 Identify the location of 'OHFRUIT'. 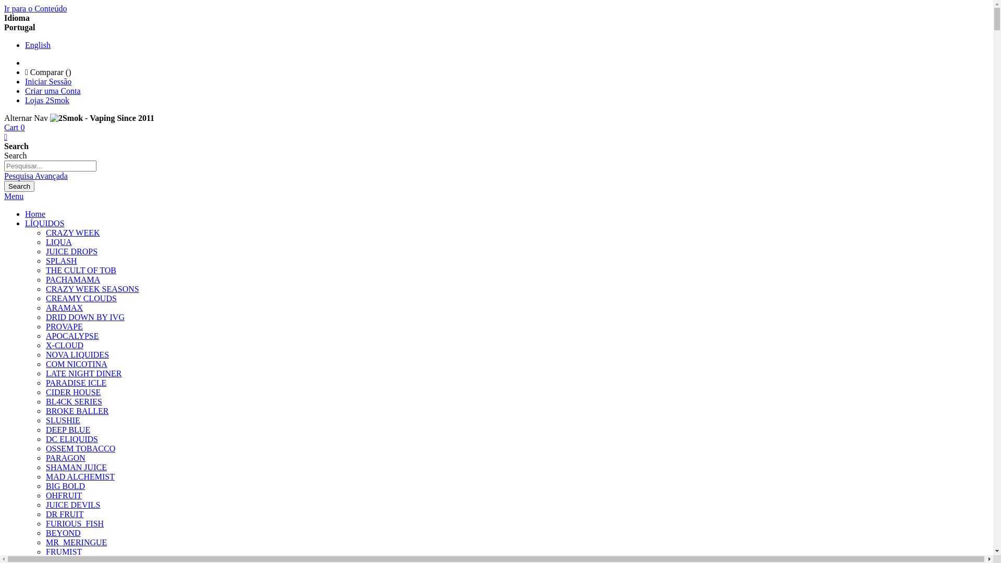
(63, 495).